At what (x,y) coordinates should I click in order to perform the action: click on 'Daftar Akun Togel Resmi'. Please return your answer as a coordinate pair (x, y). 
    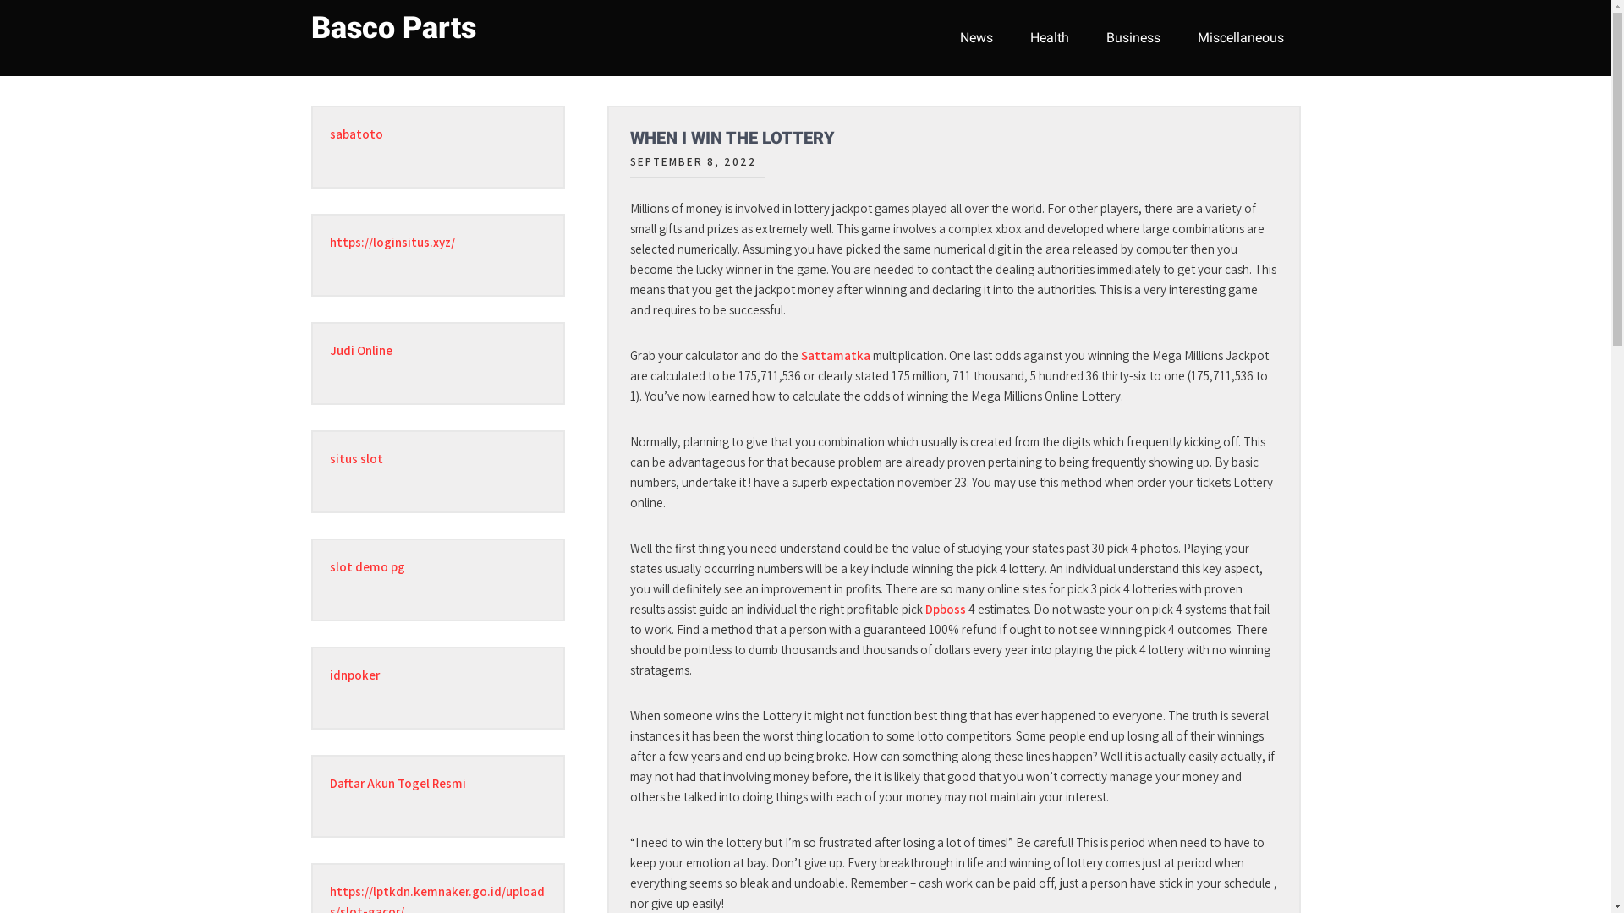
    Looking at the image, I should click on (397, 783).